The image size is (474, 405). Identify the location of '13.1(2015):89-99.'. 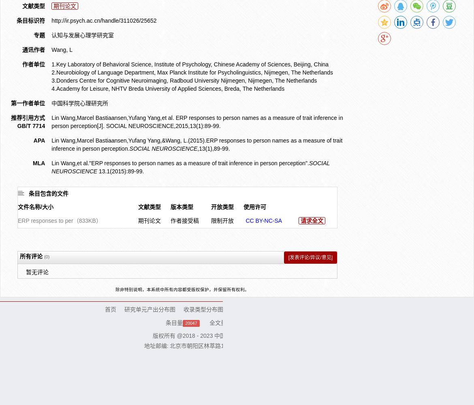
(120, 171).